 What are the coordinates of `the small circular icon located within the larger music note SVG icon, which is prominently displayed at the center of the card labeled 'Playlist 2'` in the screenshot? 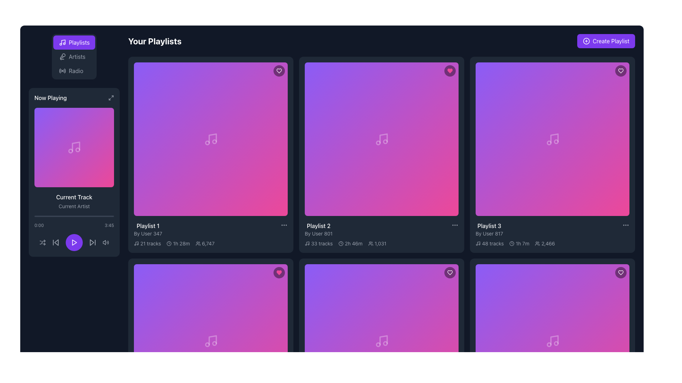 It's located at (378, 143).